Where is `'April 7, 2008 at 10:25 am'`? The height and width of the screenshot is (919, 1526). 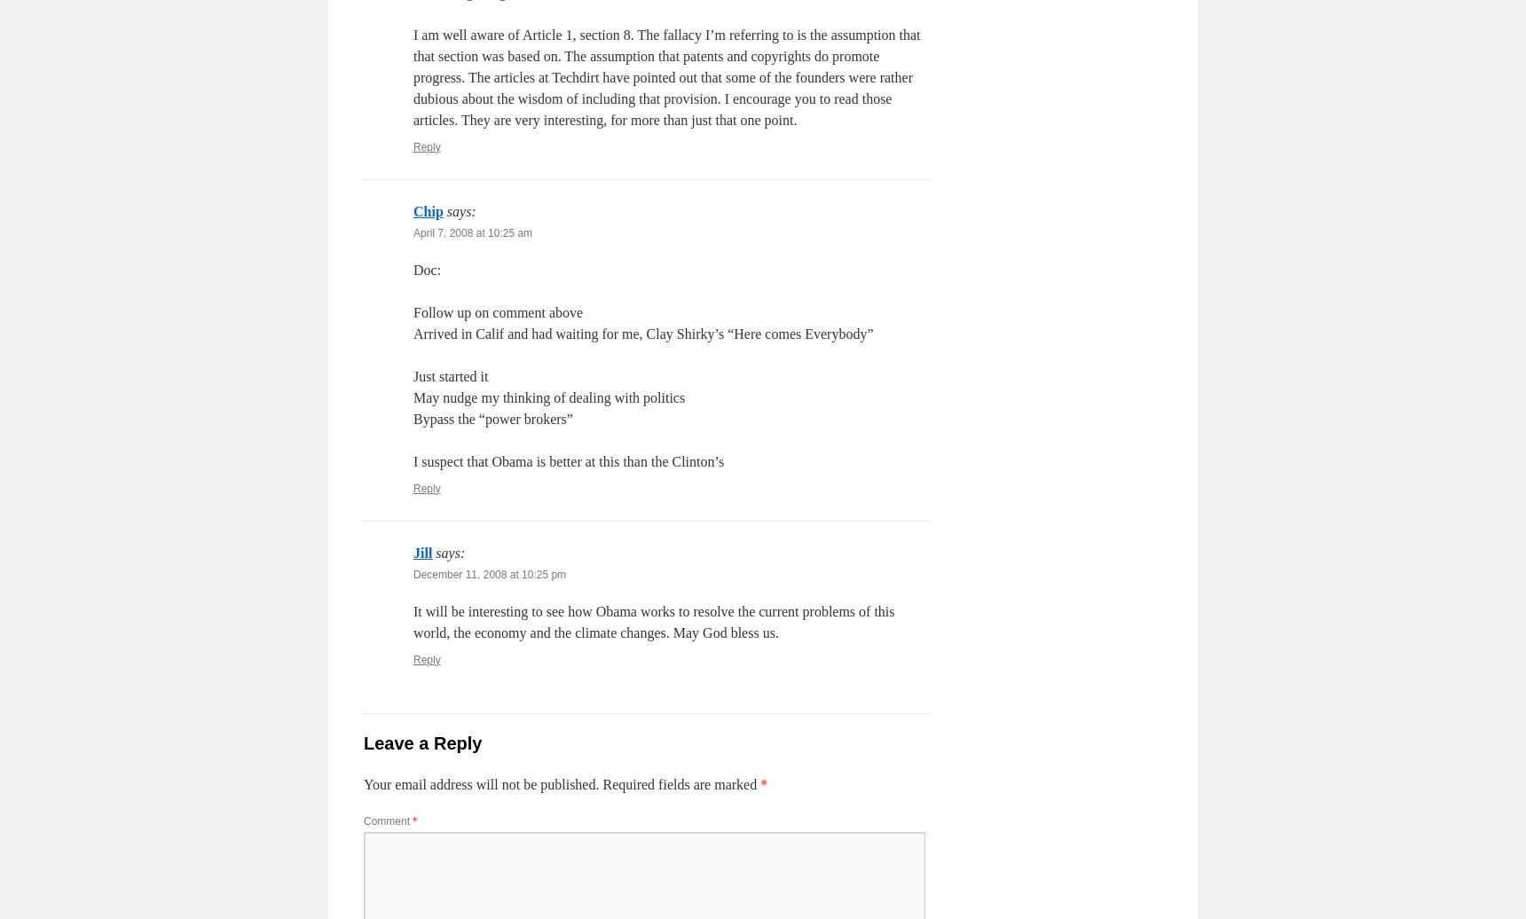
'April 7, 2008 at 10:25 am' is located at coordinates (473, 232).